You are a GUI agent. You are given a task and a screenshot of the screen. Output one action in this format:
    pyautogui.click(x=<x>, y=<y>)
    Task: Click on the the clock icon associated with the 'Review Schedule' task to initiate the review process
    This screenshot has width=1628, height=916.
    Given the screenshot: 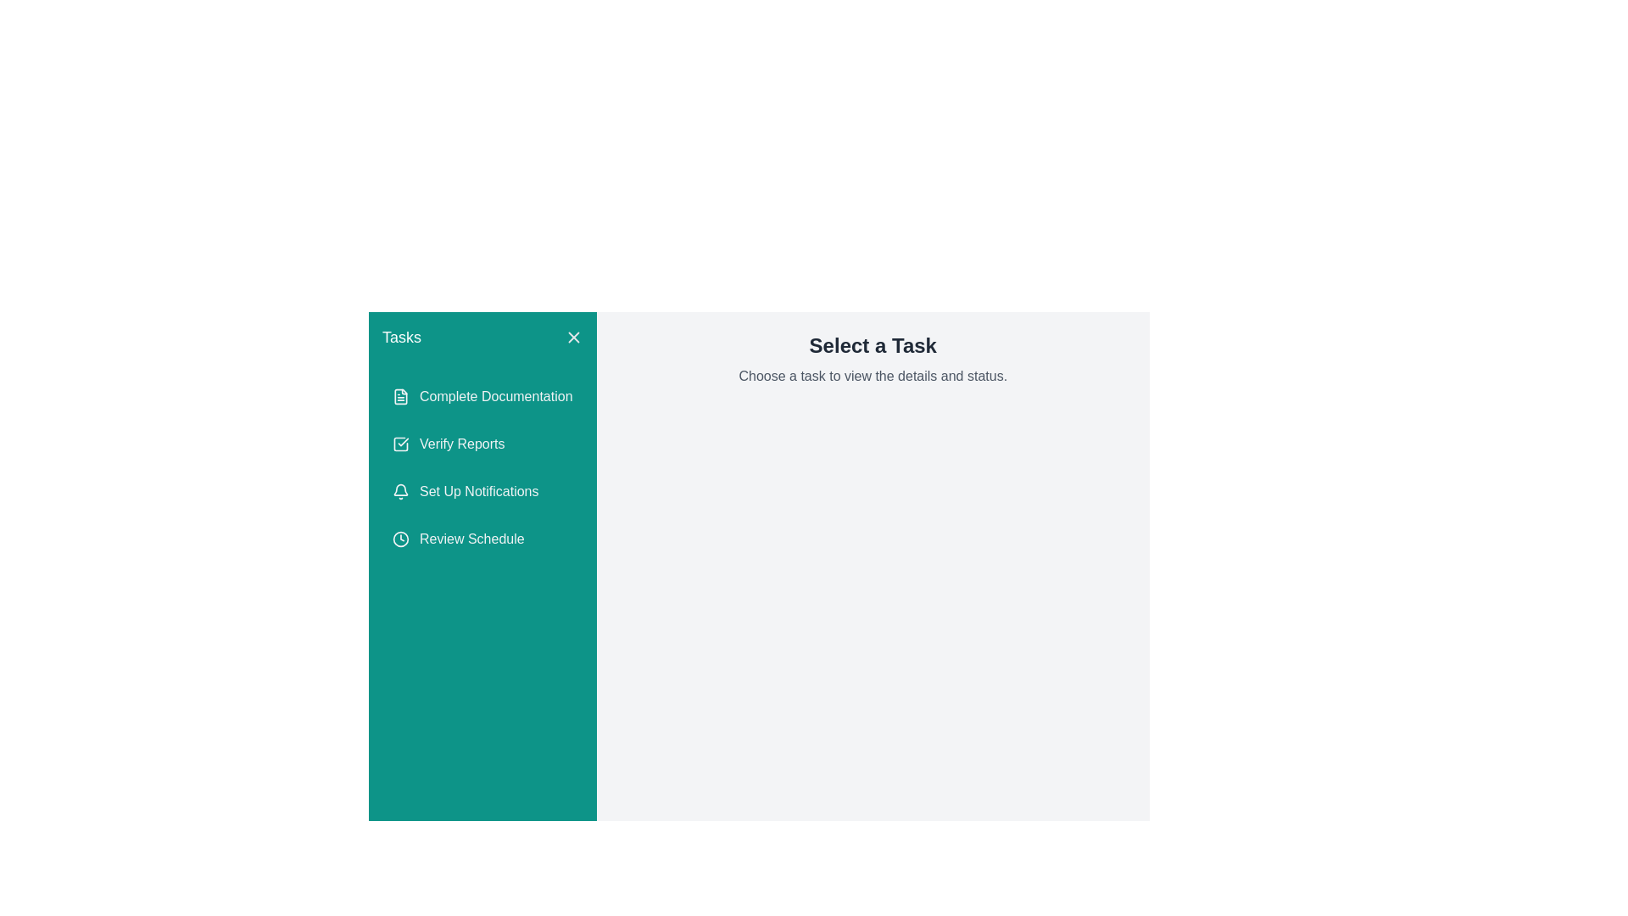 What is the action you would take?
    pyautogui.click(x=400, y=539)
    